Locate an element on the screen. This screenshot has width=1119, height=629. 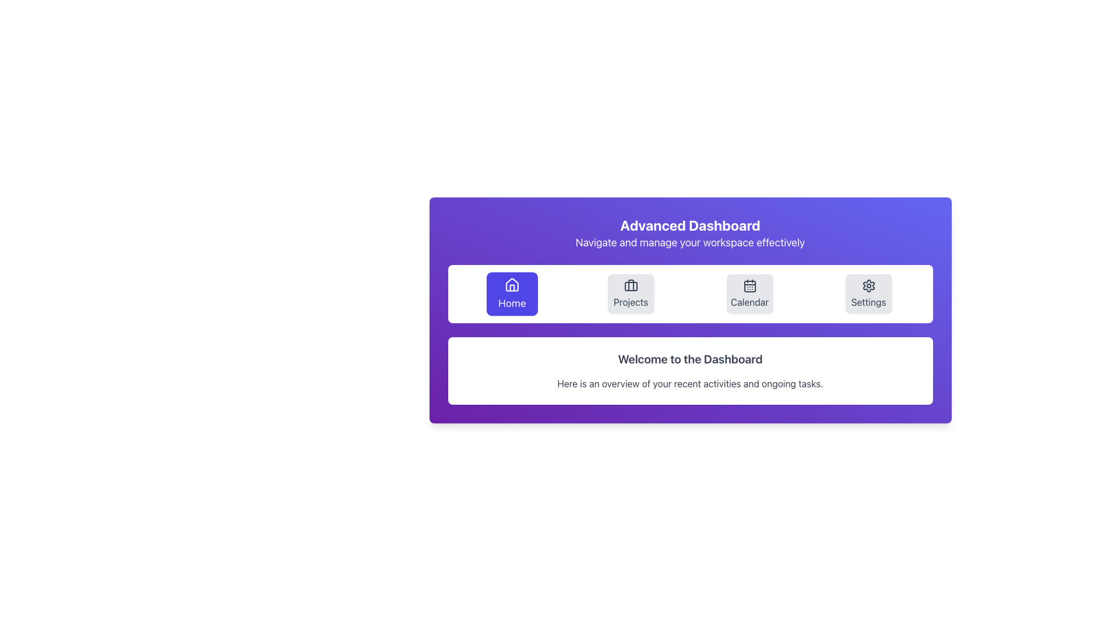
the stylized gear icon located at the far-right side of the horizontal menu bar is located at coordinates (868, 285).